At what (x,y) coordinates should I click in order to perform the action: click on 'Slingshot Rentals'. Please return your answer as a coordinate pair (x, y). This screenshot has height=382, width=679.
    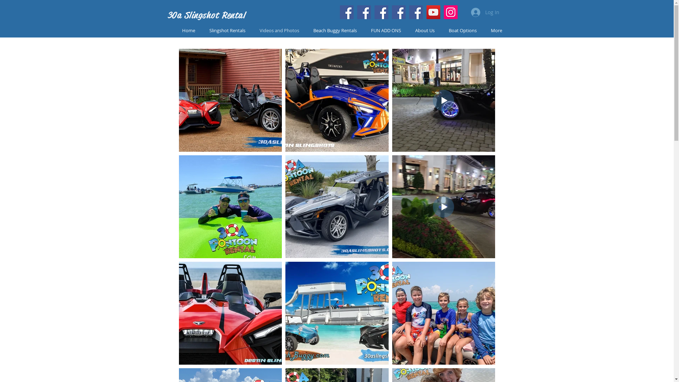
    Looking at the image, I should click on (227, 30).